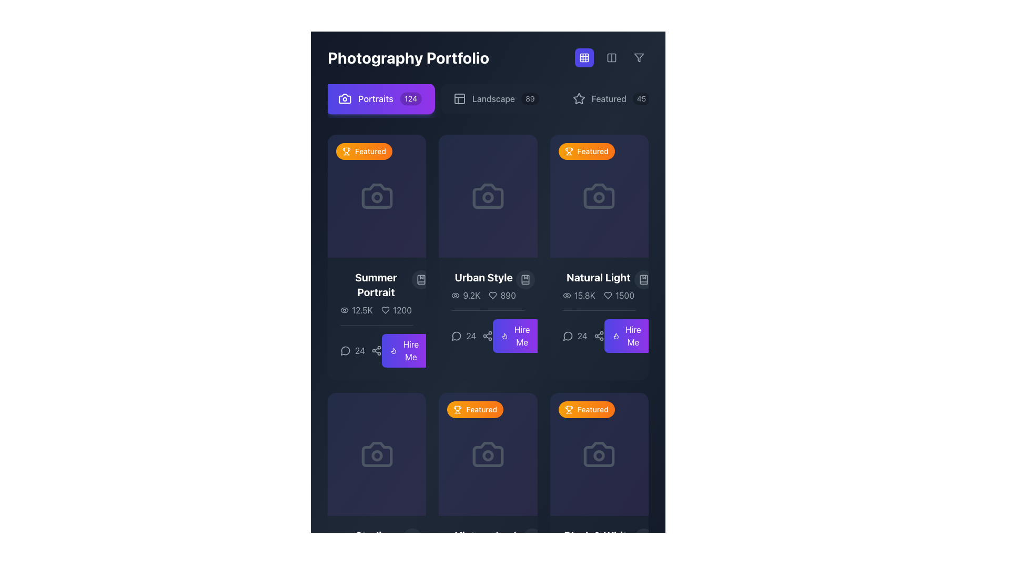 This screenshot has width=1010, height=568. What do you see at coordinates (525, 279) in the screenshot?
I see `the bookmark icon located in the top-right quadrant of the 'Urban Style' card` at bounding box center [525, 279].